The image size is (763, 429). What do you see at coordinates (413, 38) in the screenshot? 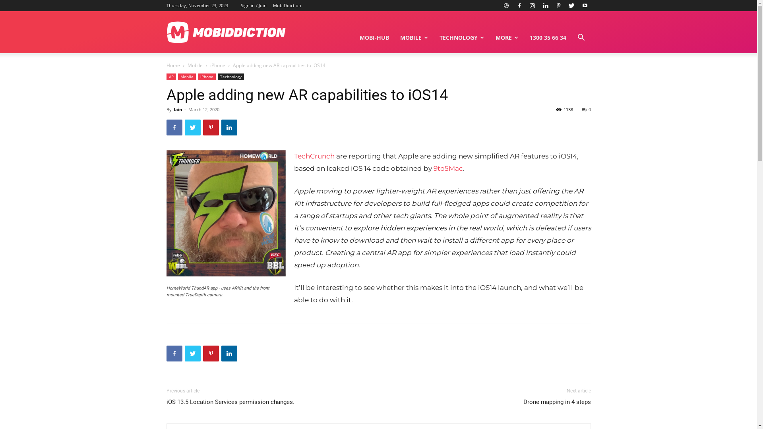
I see `'MOBILE'` at bounding box center [413, 38].